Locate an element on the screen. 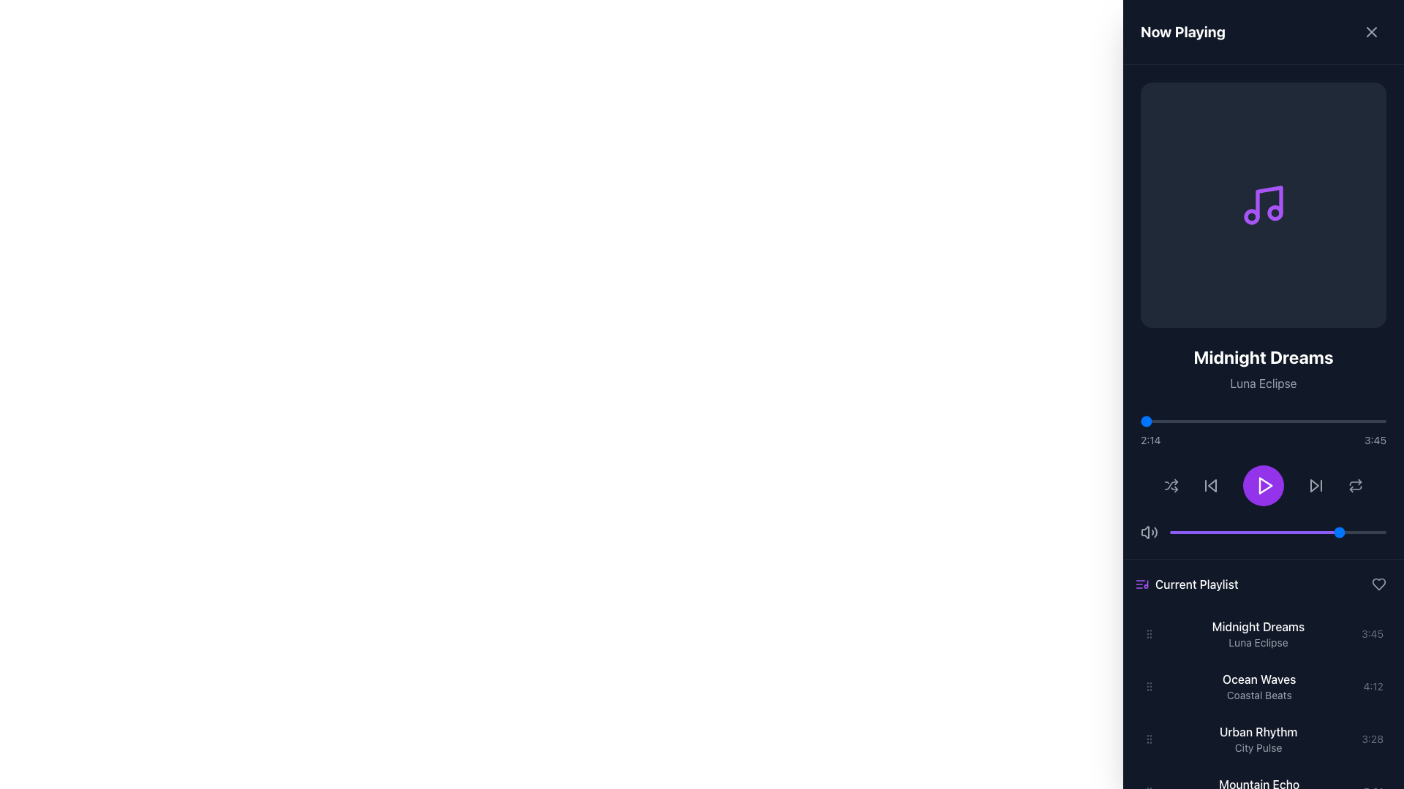  the handle at the far left edge of the playlist item row titled 'Midnight Dreams' by artist 'Luna Eclipse' is located at coordinates (1148, 633).